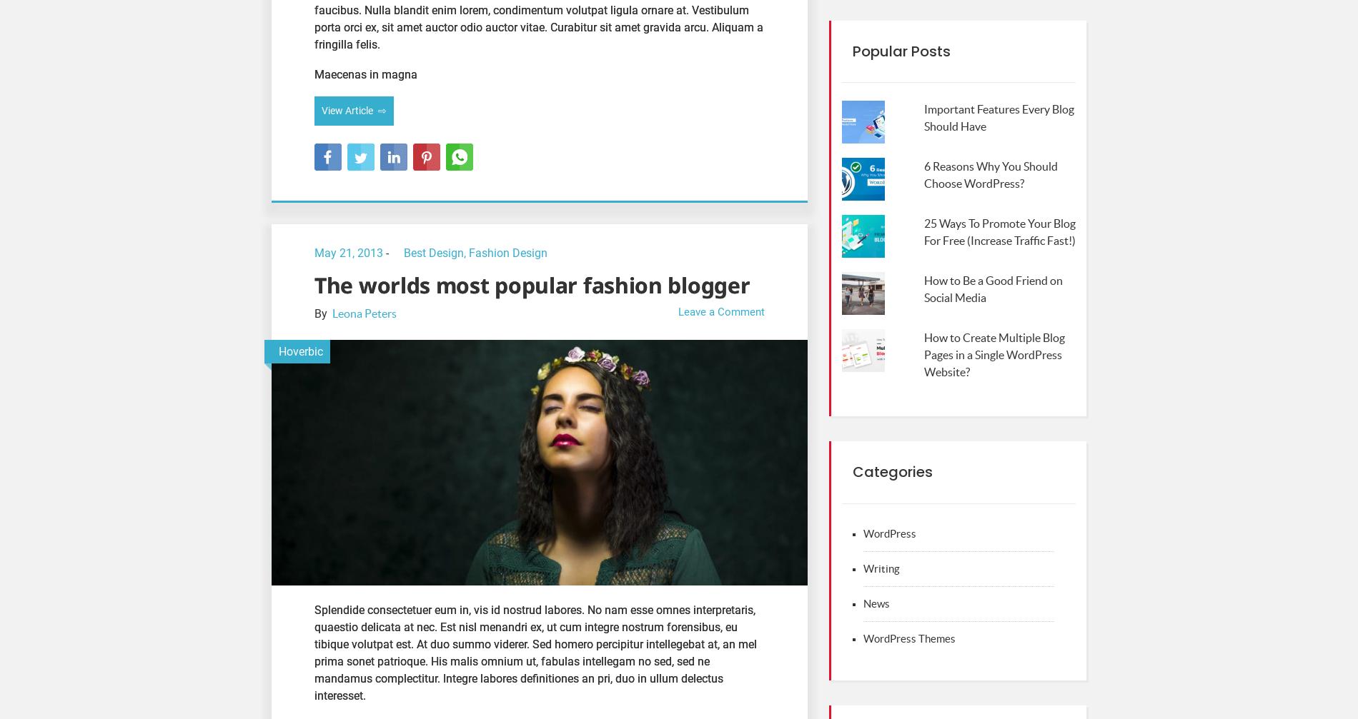 Image resolution: width=1358 pixels, height=719 pixels. I want to click on 'May 21, 2013', so click(348, 252).